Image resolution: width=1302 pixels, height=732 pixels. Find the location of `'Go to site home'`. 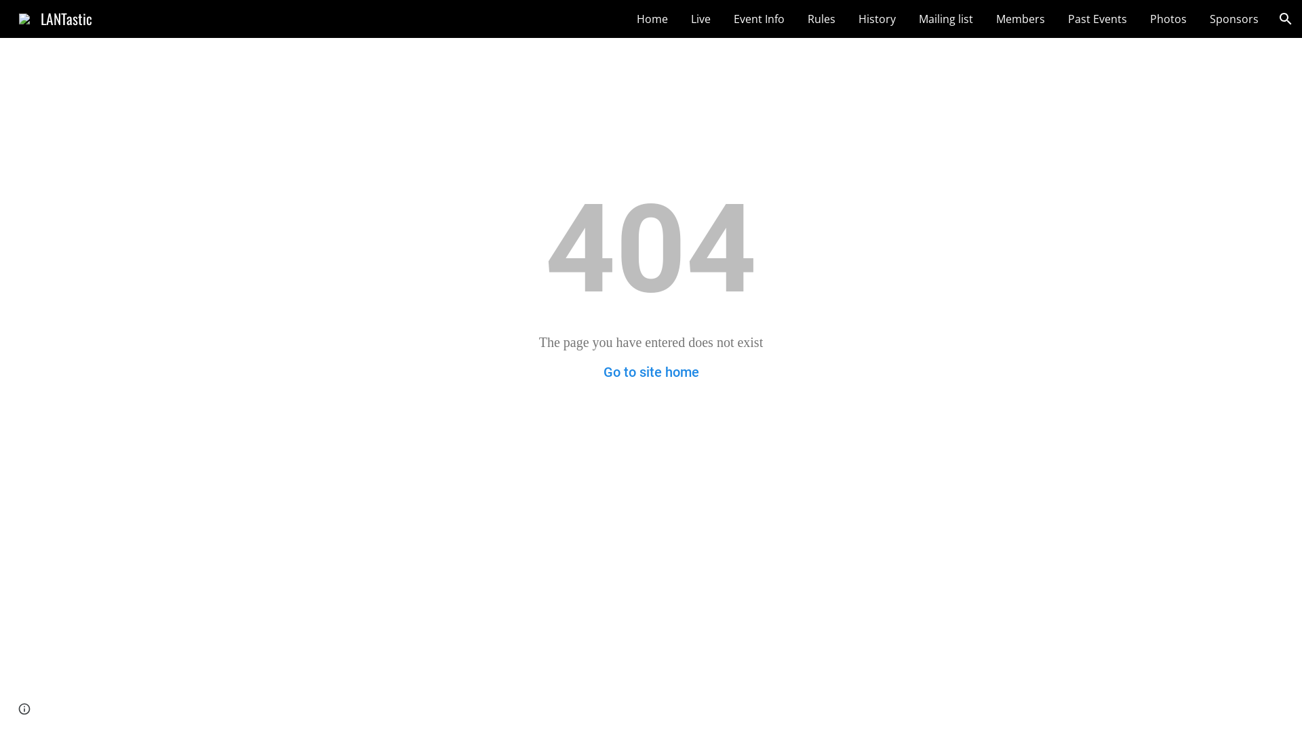

'Go to site home' is located at coordinates (651, 371).